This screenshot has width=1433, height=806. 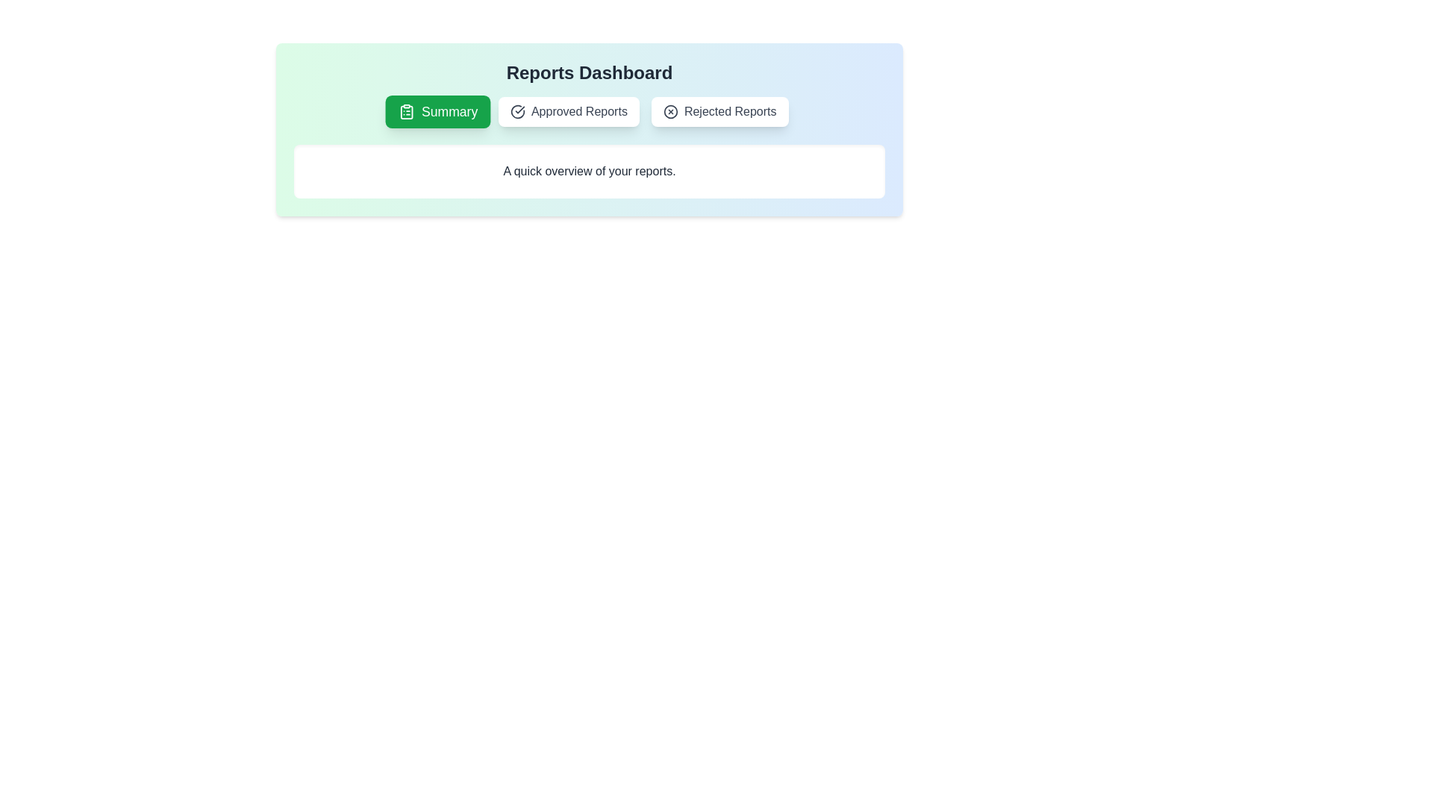 What do you see at coordinates (719, 111) in the screenshot?
I see `the tab labeled Rejected Reports` at bounding box center [719, 111].